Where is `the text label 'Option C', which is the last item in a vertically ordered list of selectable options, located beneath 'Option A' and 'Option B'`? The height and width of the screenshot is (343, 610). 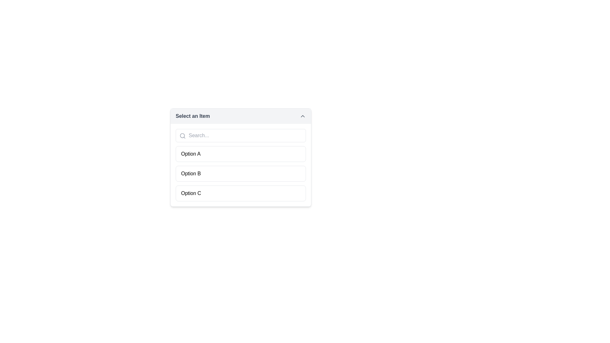
the text label 'Option C', which is the last item in a vertically ordered list of selectable options, located beneath 'Option A' and 'Option B' is located at coordinates (191, 193).